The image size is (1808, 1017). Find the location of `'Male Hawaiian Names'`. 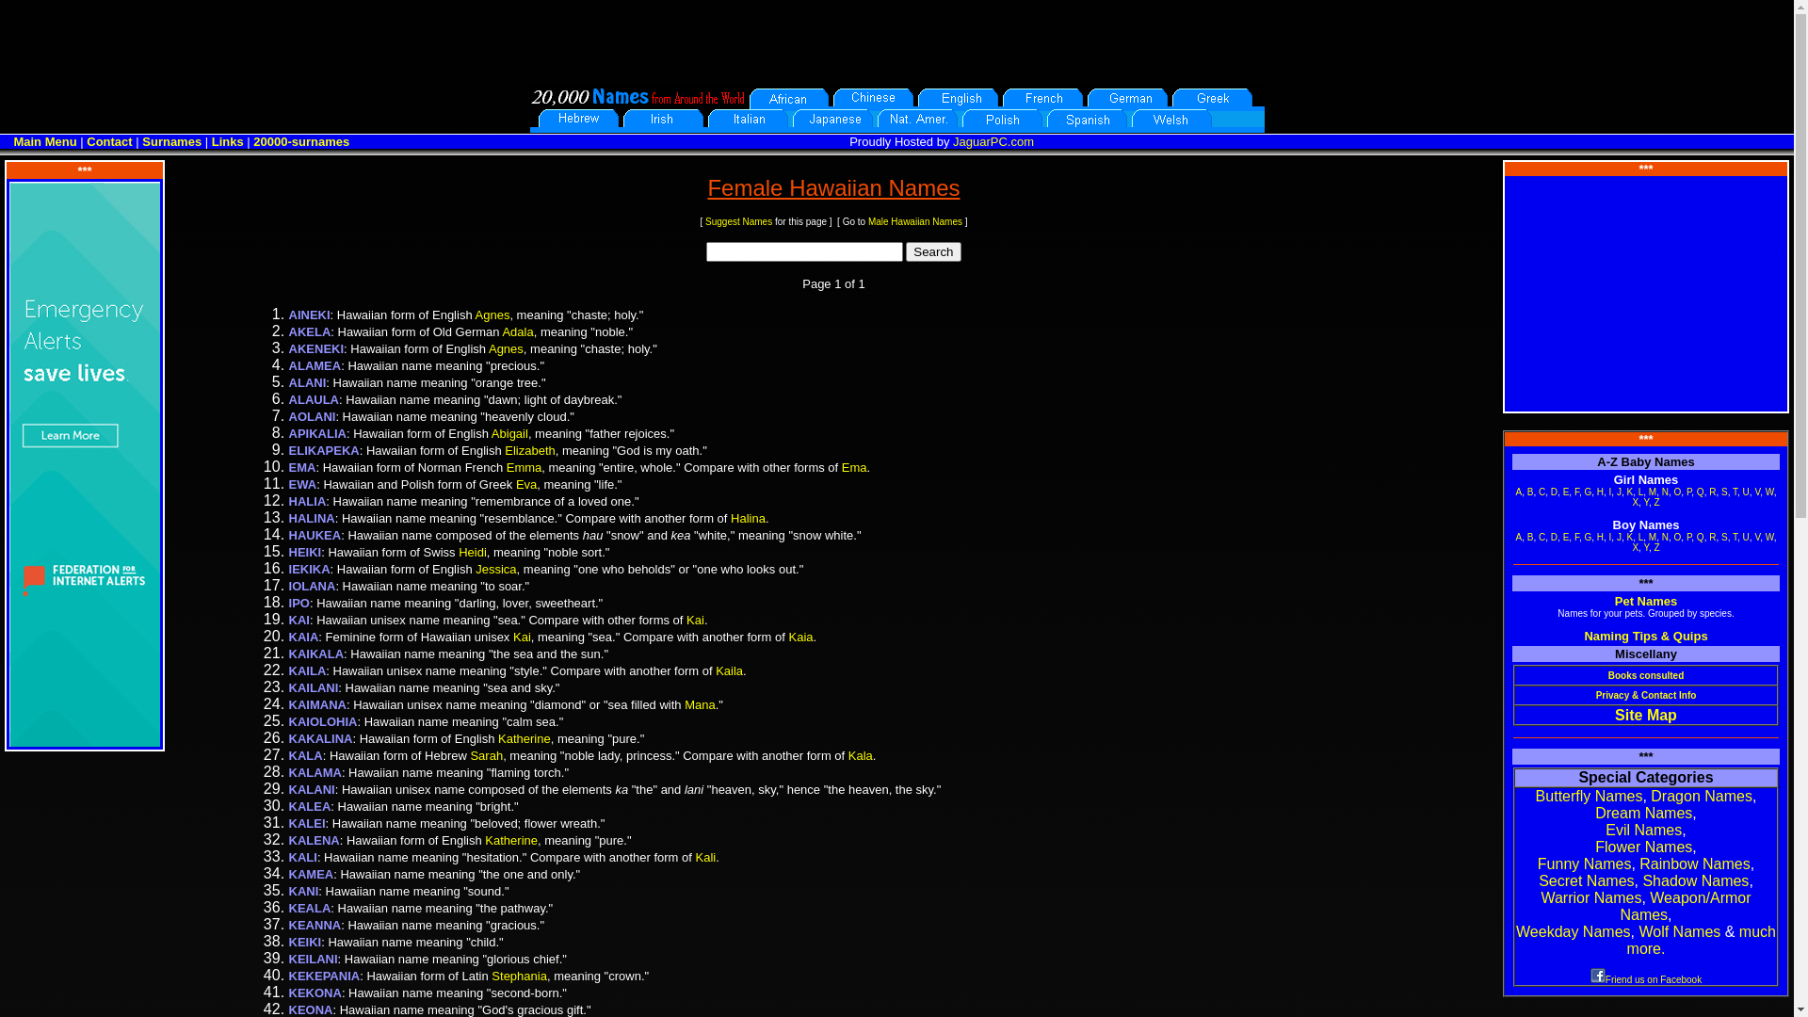

'Male Hawaiian Names' is located at coordinates (915, 220).